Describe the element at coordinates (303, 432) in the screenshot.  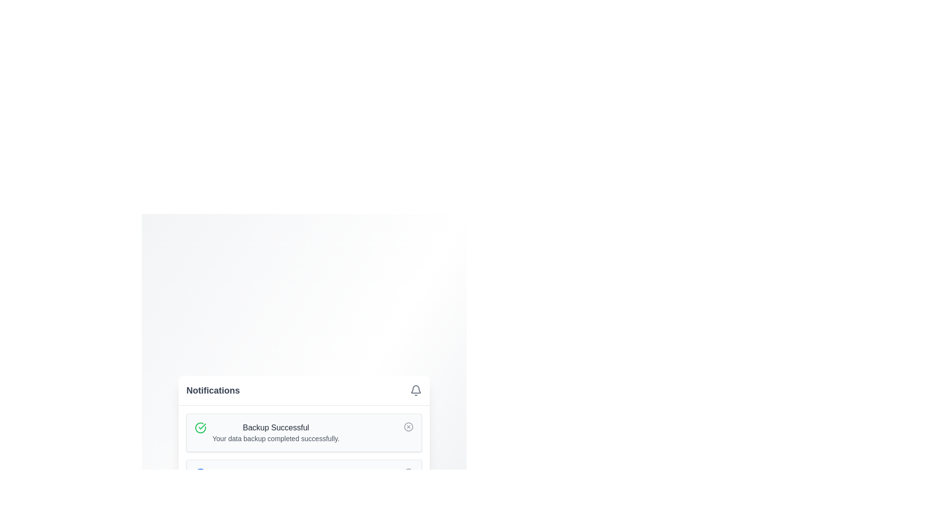
I see `the first notification card titled 'Backup Successful' with a green checkmark icon, which is located in the 'Notifications' section` at that location.